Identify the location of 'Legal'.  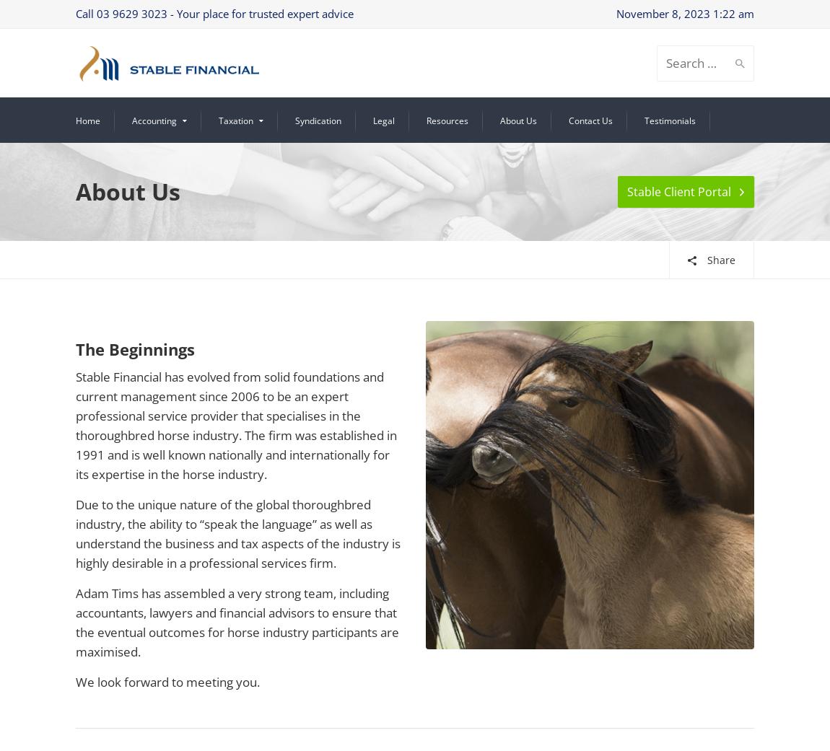
(373, 120).